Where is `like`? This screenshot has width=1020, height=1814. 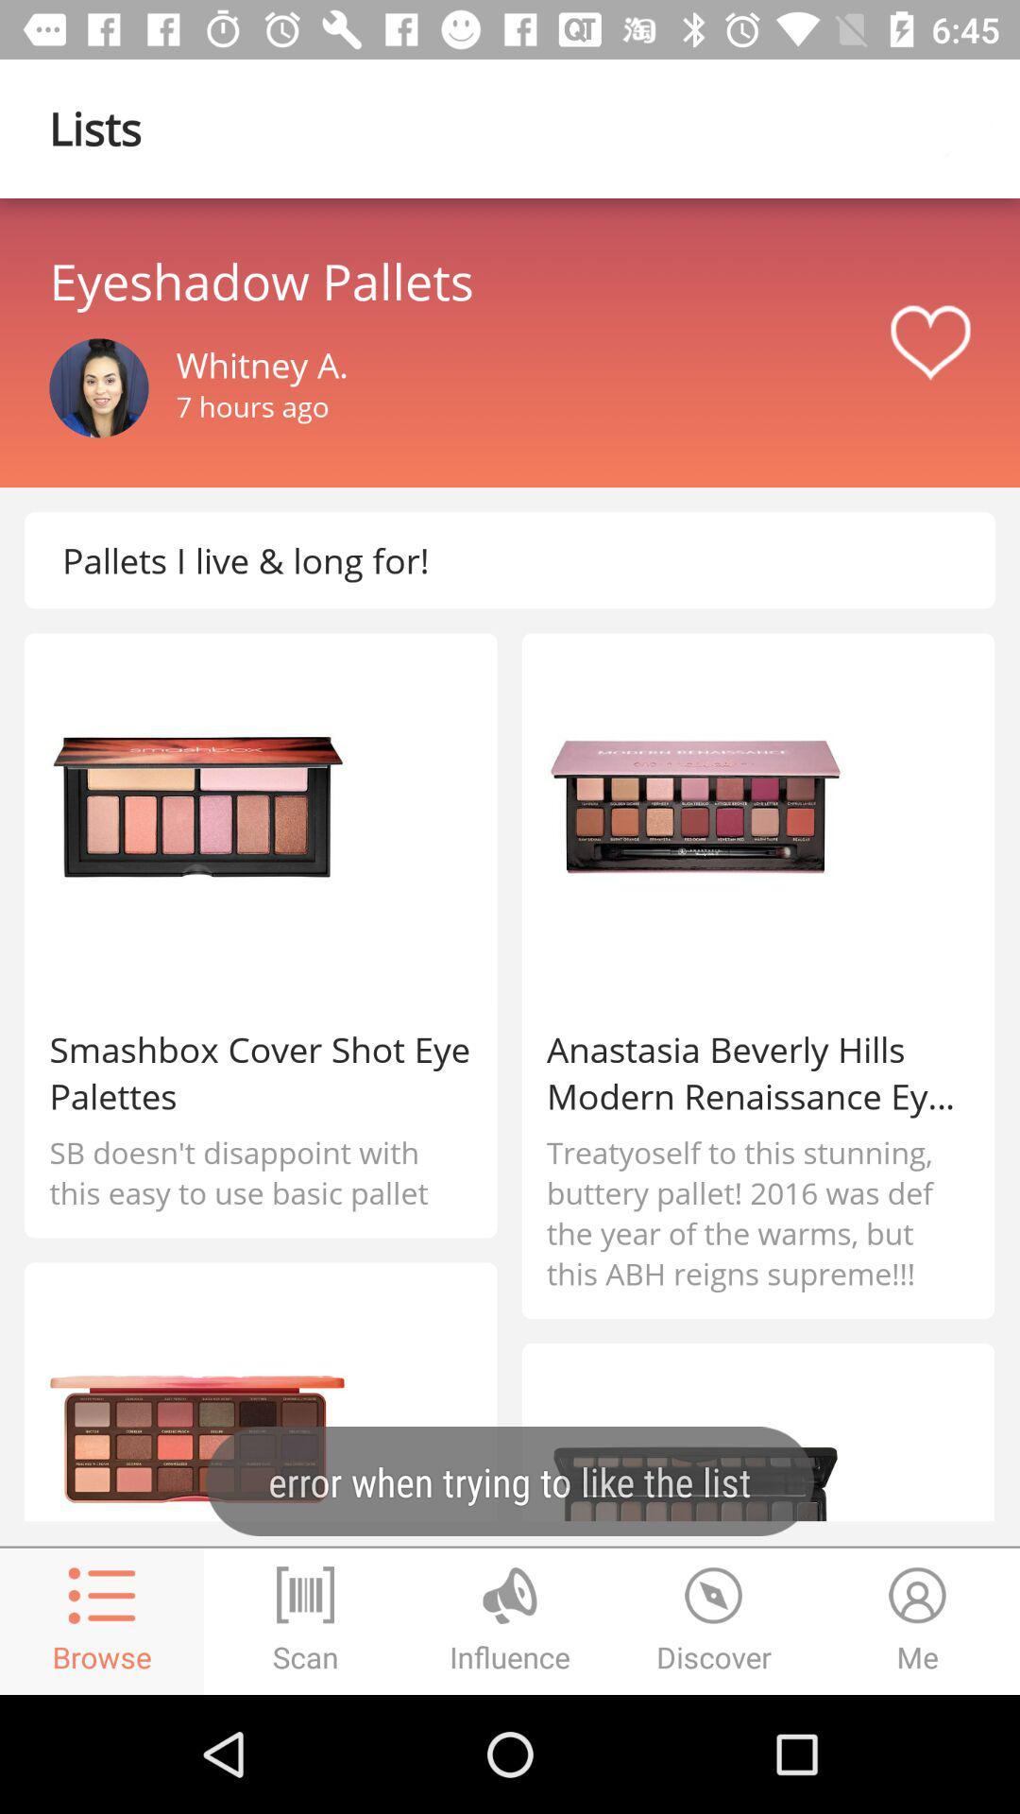
like is located at coordinates (929, 343).